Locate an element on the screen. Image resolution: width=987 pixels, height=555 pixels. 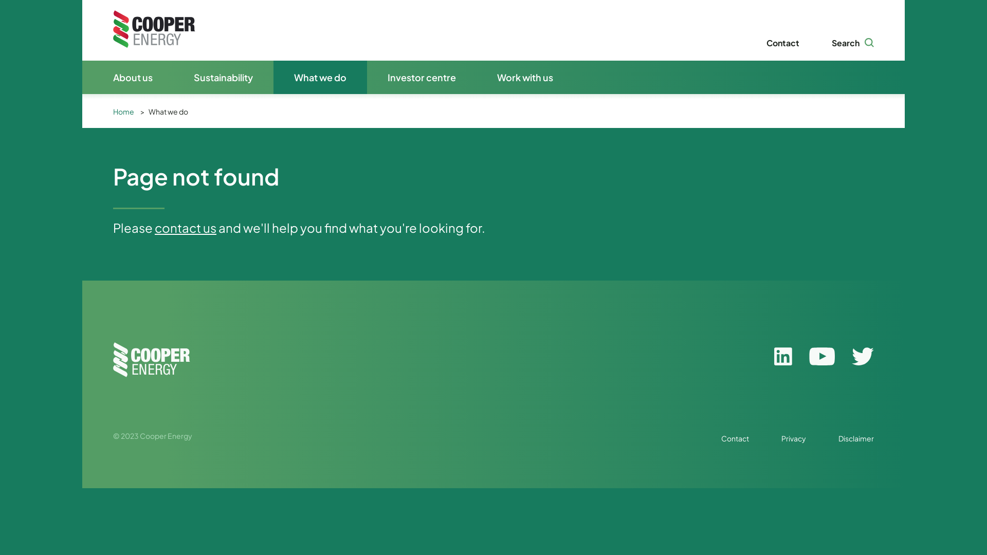
'Investor centre' is located at coordinates (422, 77).